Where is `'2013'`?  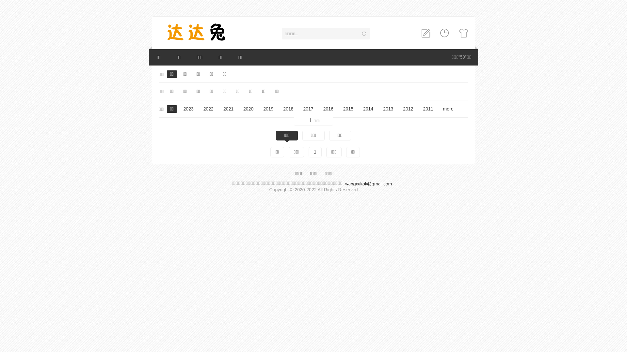 '2013' is located at coordinates (379, 109).